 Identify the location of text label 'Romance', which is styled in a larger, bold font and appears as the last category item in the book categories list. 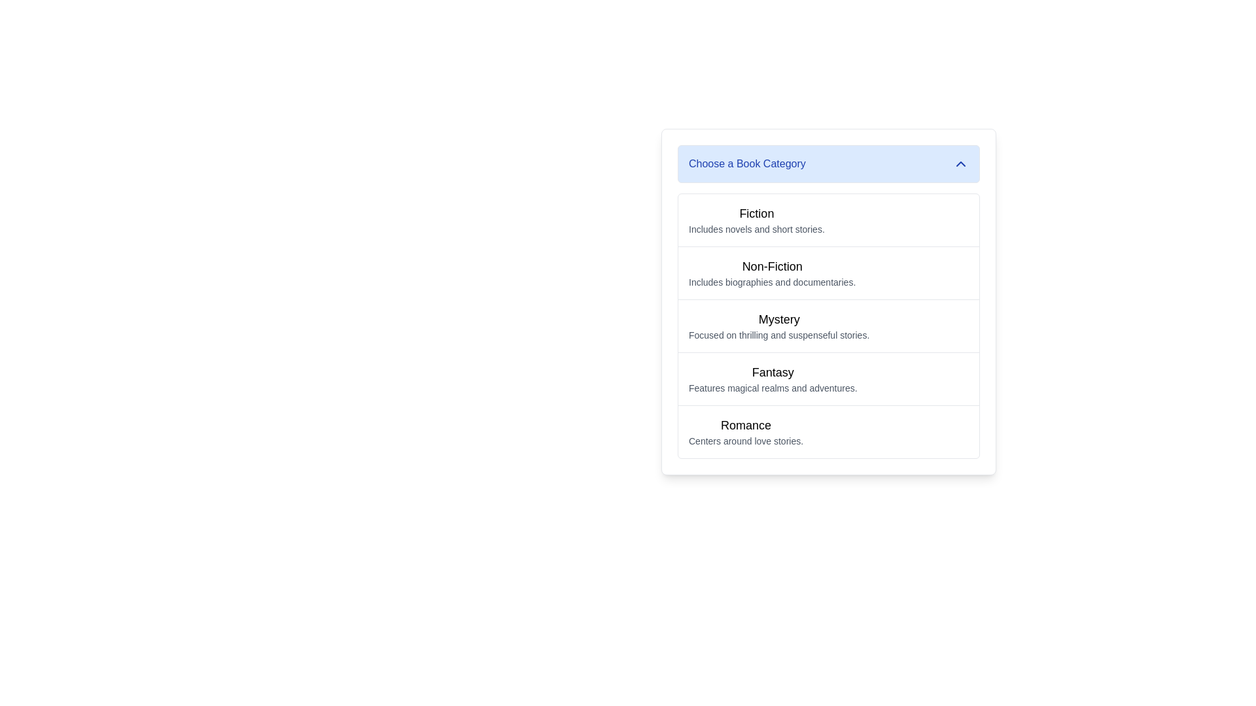
(746, 426).